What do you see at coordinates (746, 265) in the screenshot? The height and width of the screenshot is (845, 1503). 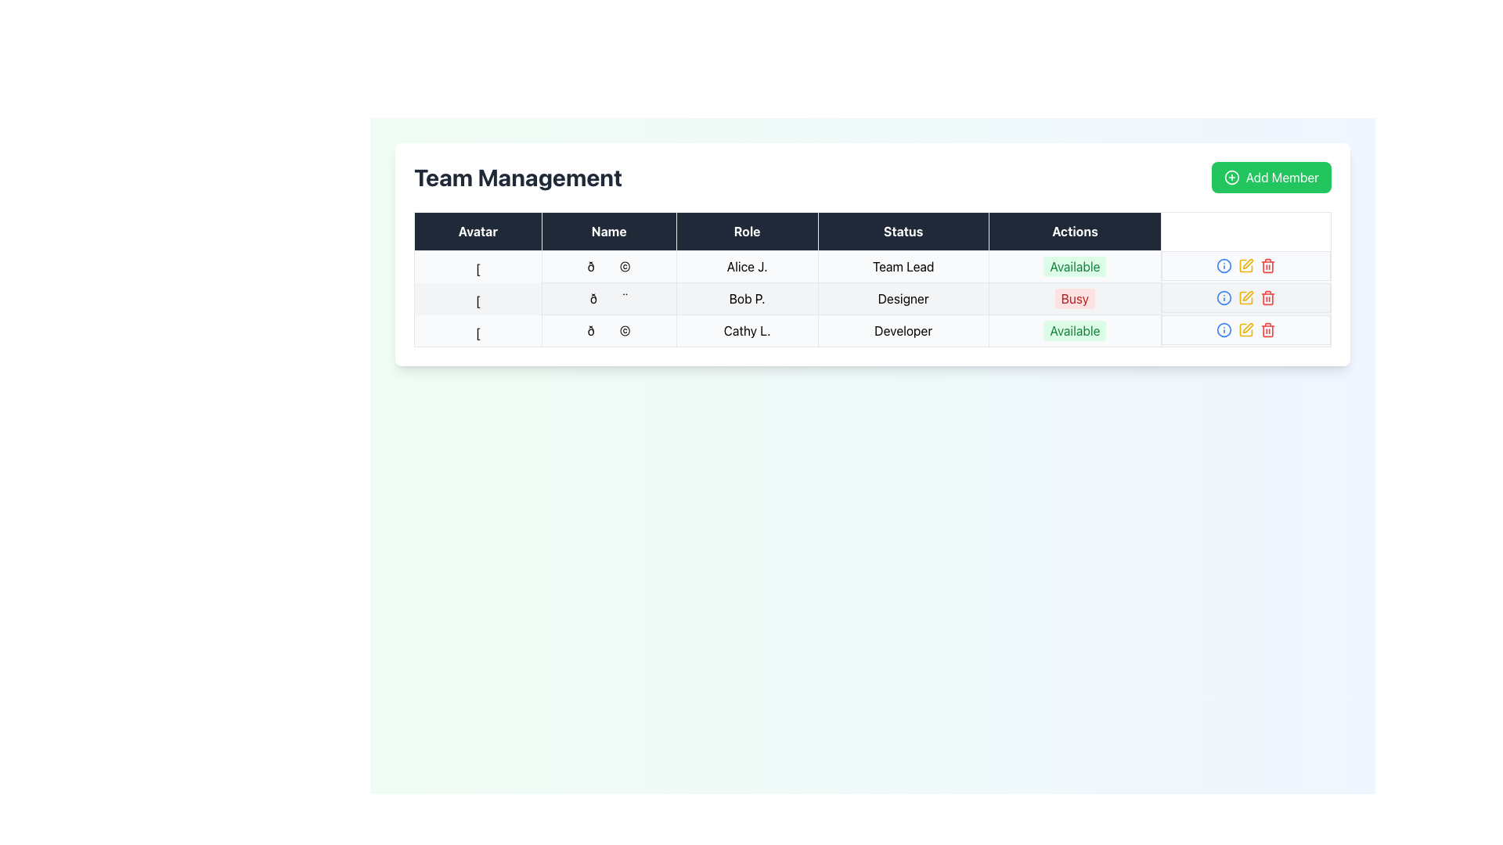 I see `the Text label displaying the role of the person named 'Alice J.' in the tabular layout` at bounding box center [746, 265].